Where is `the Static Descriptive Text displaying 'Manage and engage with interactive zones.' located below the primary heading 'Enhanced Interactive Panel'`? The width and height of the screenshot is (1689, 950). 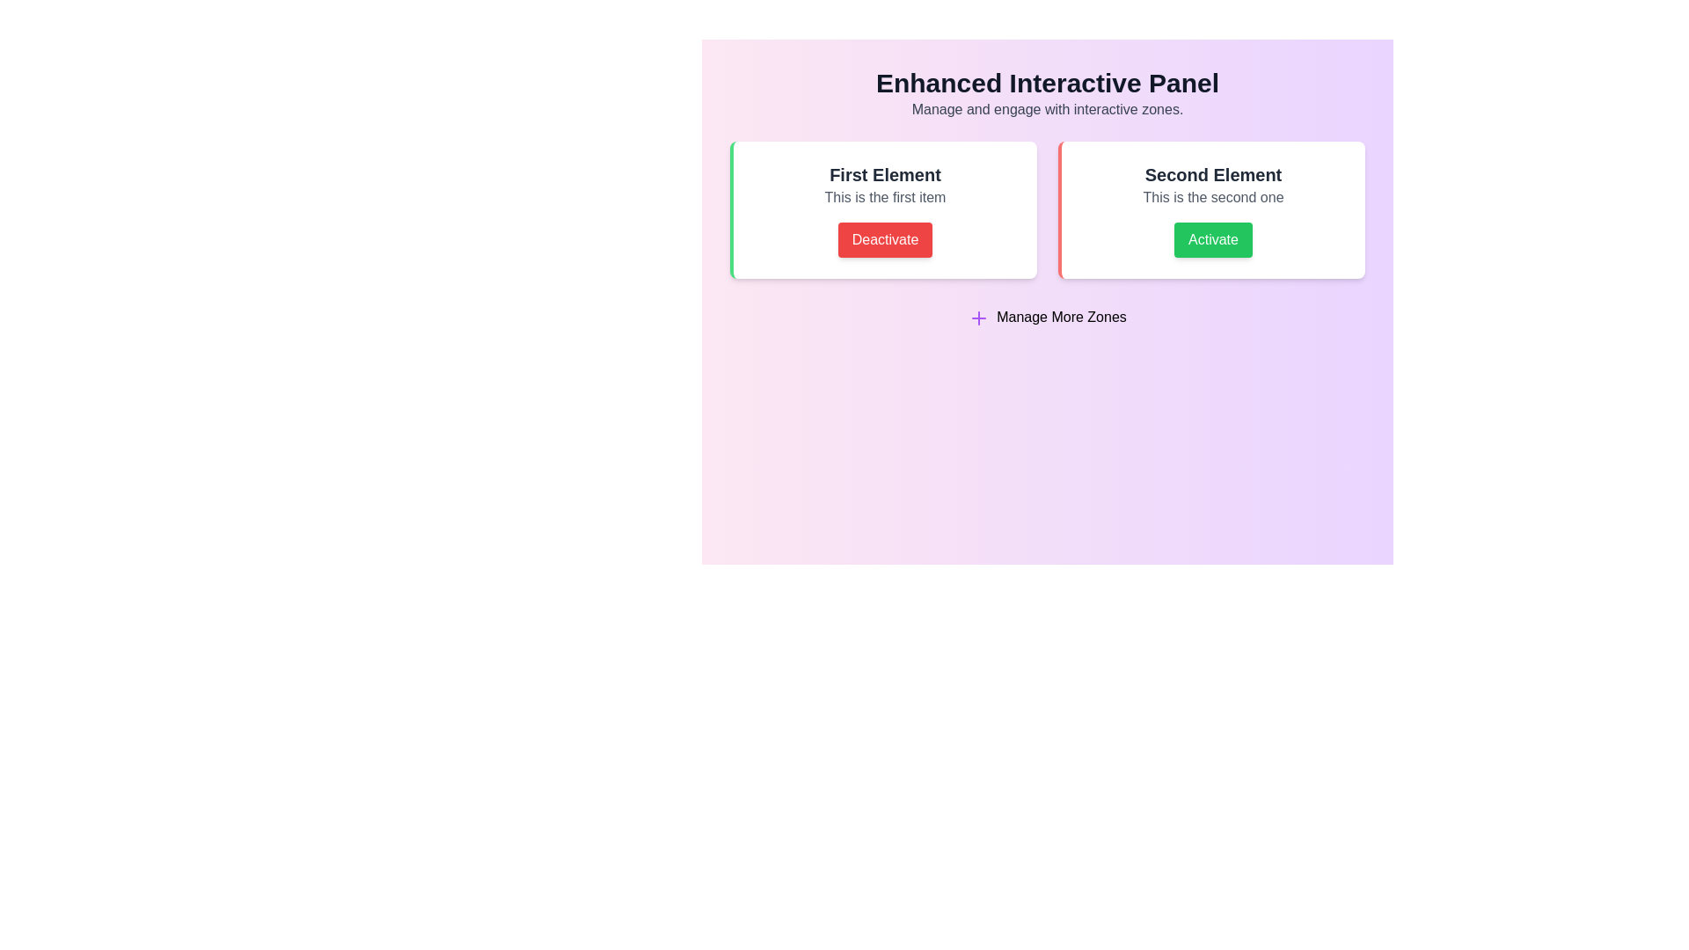 the Static Descriptive Text displaying 'Manage and engage with interactive zones.' located below the primary heading 'Enhanced Interactive Panel' is located at coordinates (1047, 109).